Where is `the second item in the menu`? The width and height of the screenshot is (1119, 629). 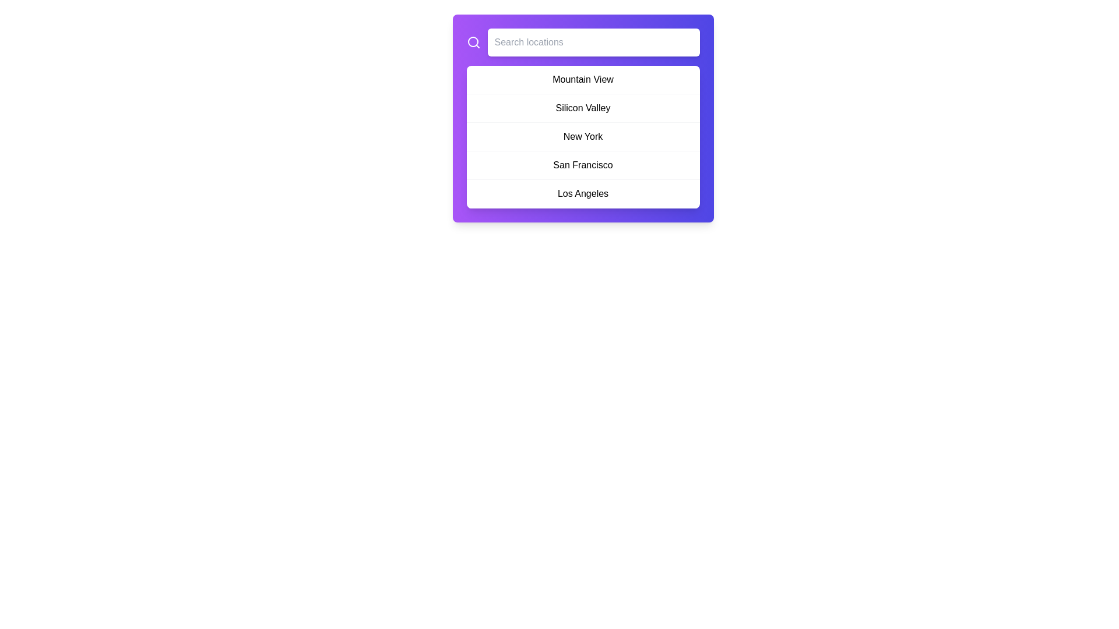 the second item in the menu is located at coordinates (583, 108).